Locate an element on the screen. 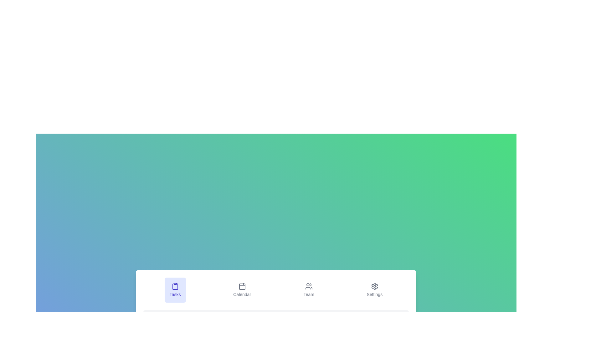  the gear icon within the settings button located on the far right of the horizontal menu at the bottom of the interface is located at coordinates (374, 286).